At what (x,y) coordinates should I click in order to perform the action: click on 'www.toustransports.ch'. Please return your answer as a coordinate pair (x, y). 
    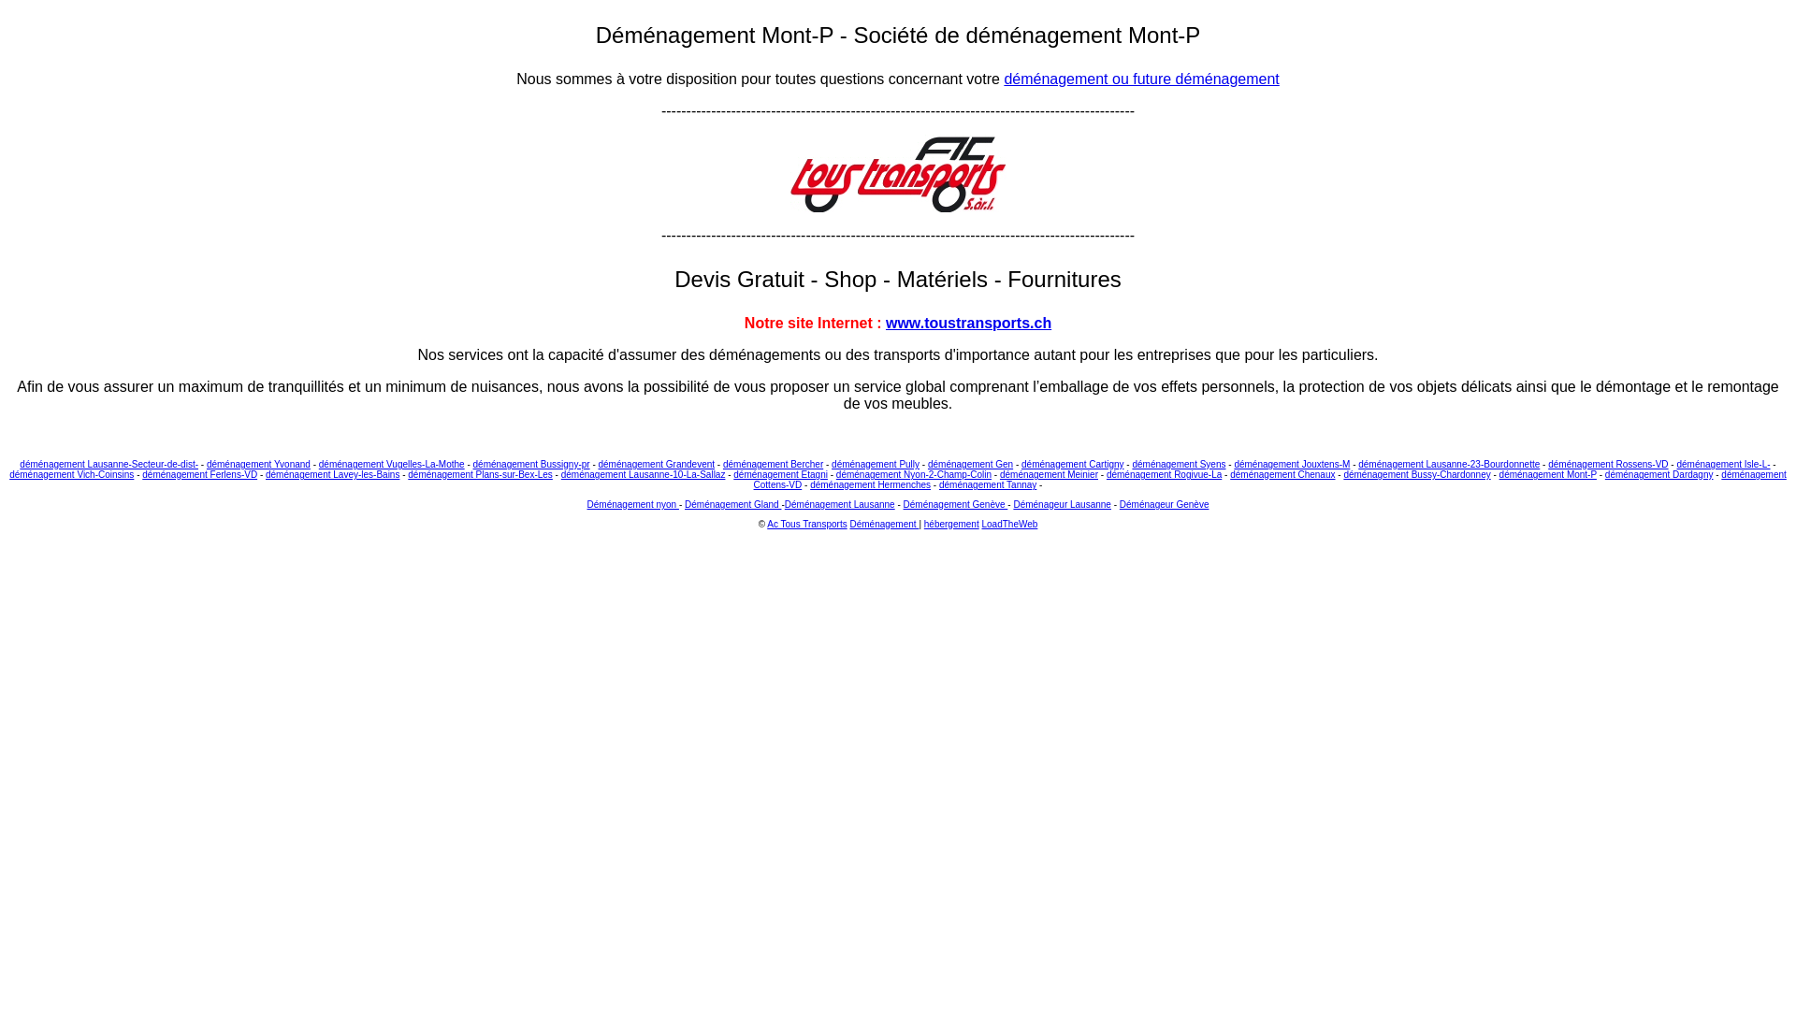
    Looking at the image, I should click on (968, 322).